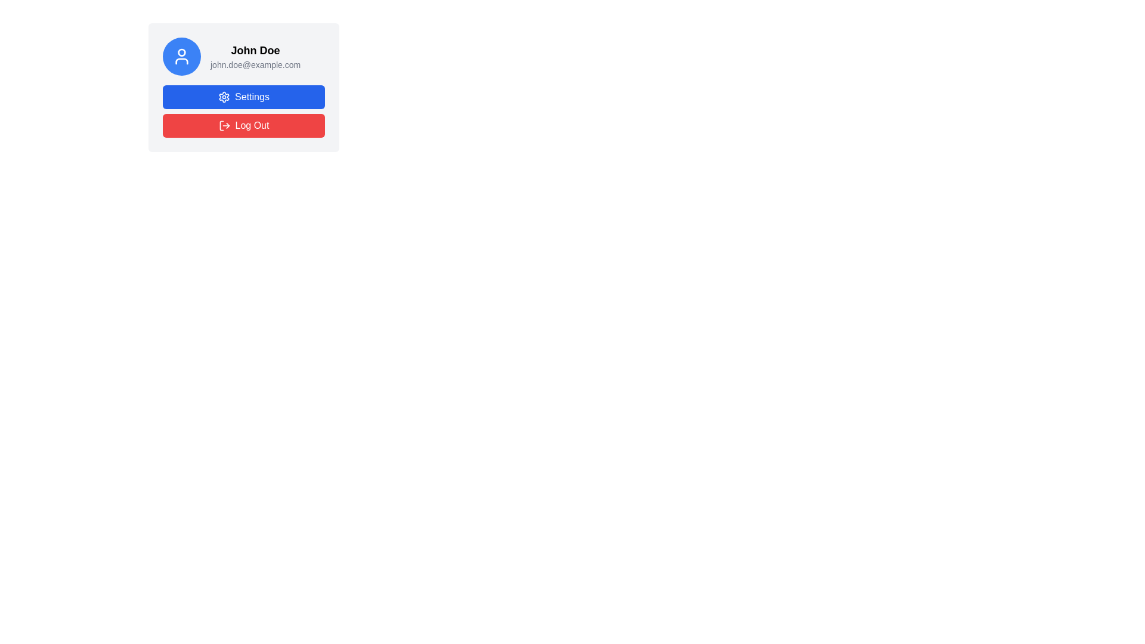 This screenshot has width=1145, height=644. I want to click on the decorative graphical element that forms the bottom part of a user icon, styled in white on a blue circular background, located at the top-left corner of the user profile panel, so click(181, 61).